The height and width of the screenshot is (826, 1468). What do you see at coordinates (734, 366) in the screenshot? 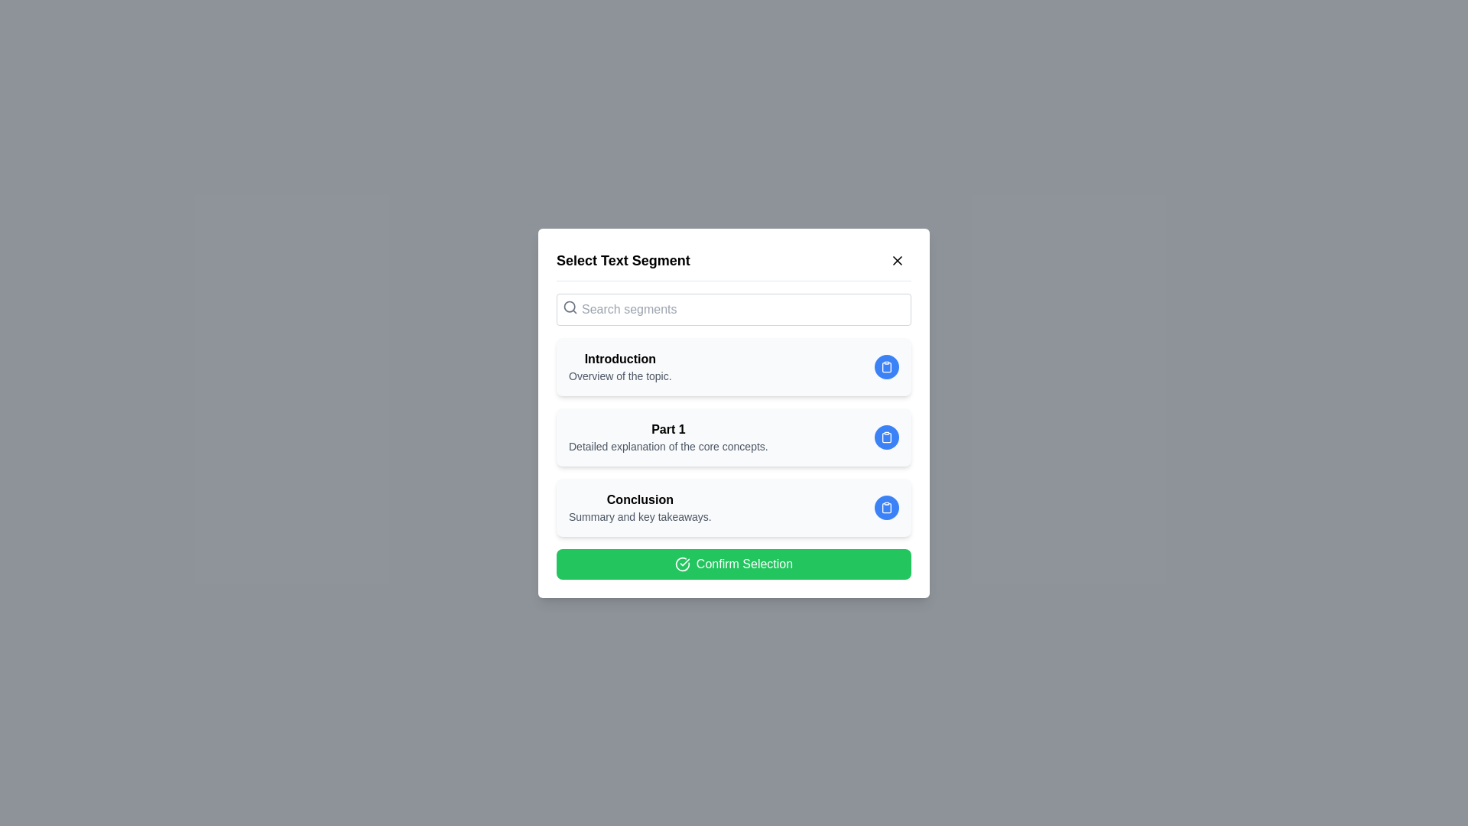
I see `the segment with title Introduction to view its details` at bounding box center [734, 366].